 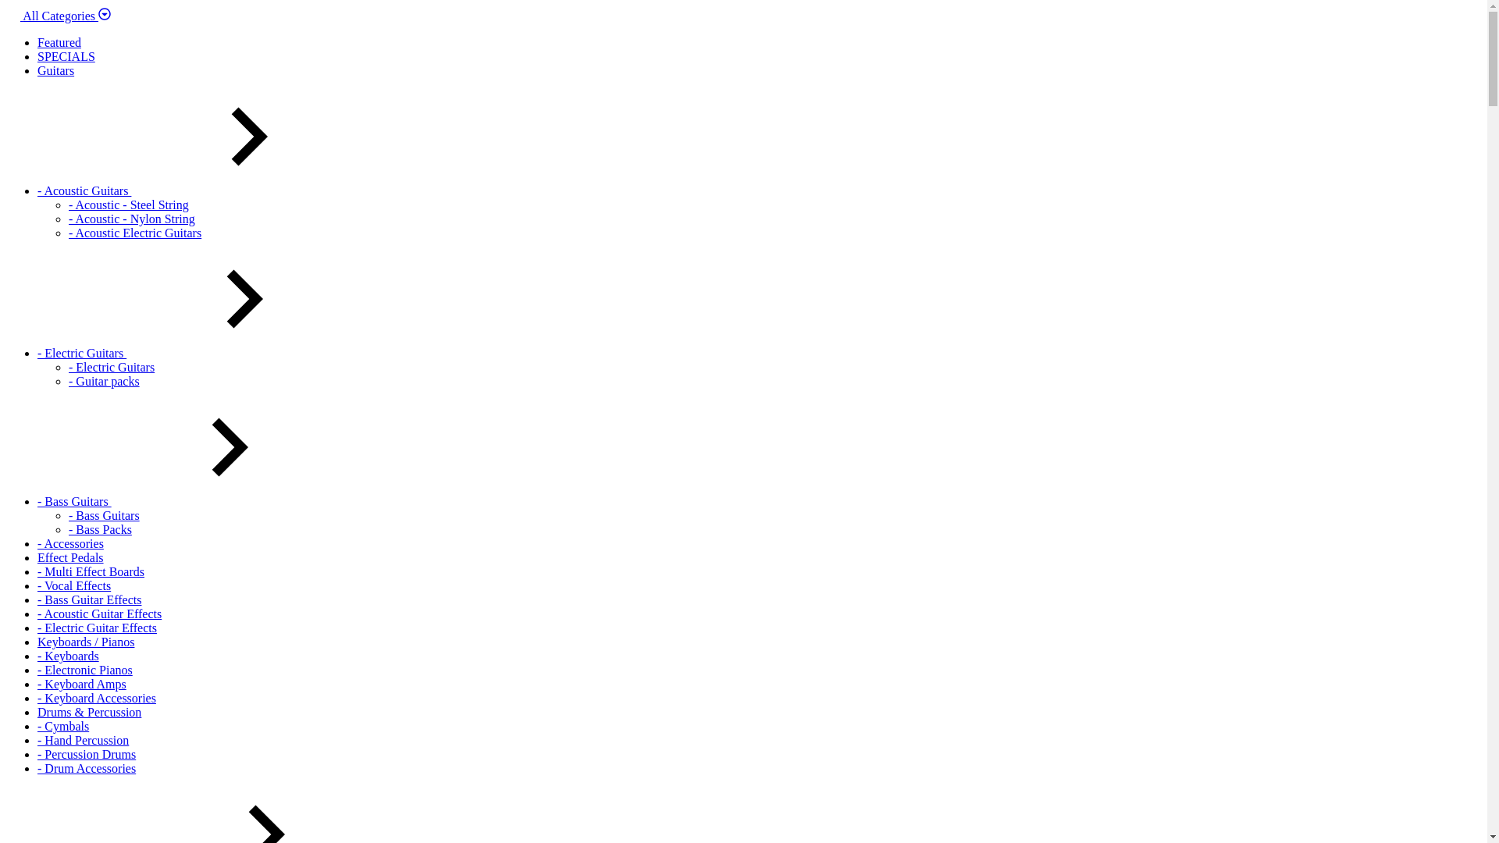 What do you see at coordinates (55, 70) in the screenshot?
I see `'Guitars'` at bounding box center [55, 70].